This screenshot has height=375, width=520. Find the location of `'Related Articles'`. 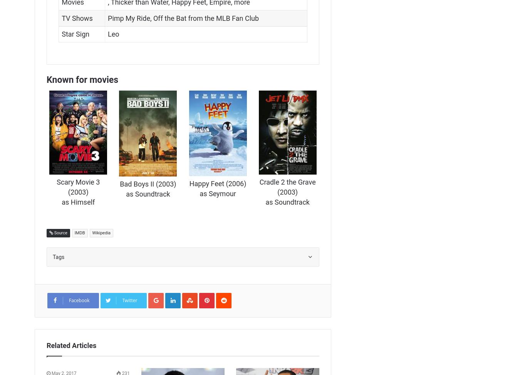

'Related Articles' is located at coordinates (71, 345).